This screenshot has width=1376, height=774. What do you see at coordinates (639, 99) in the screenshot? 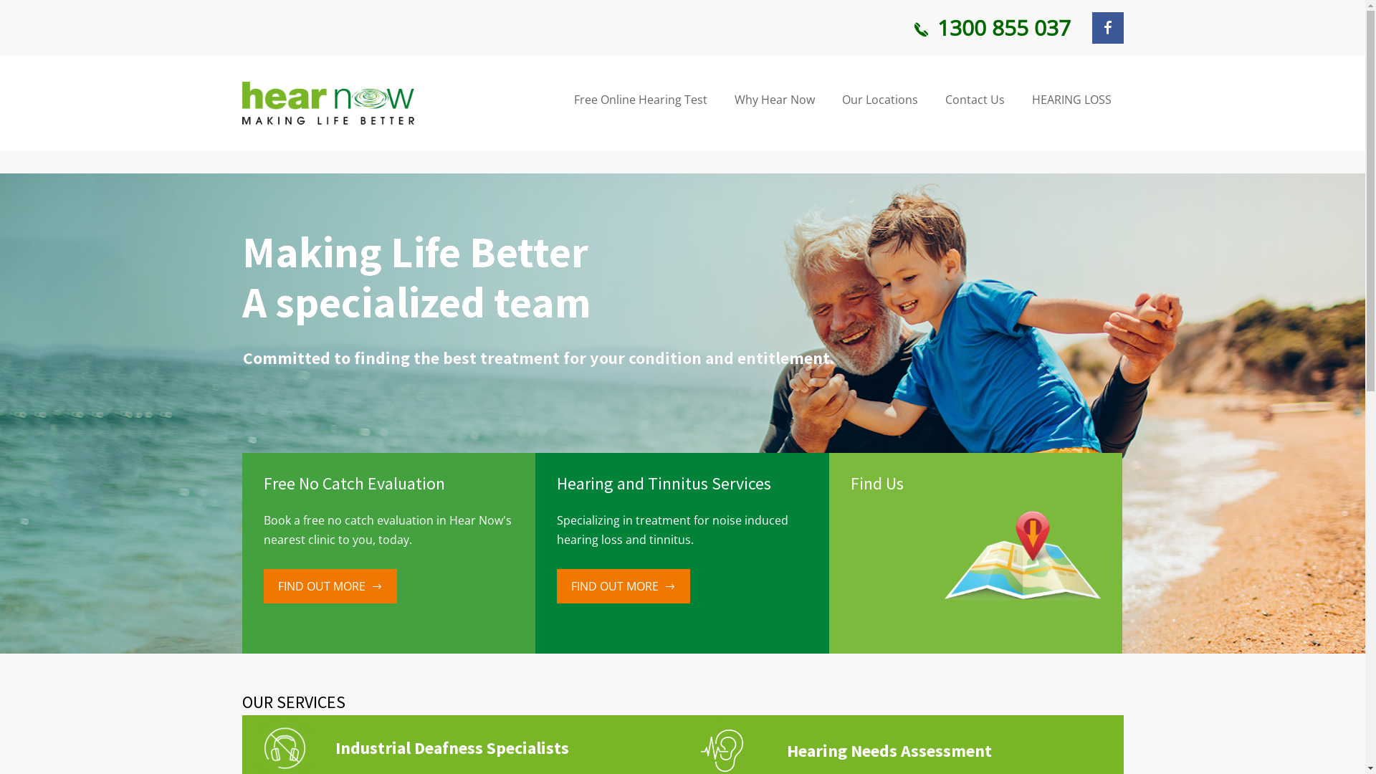
I see `'Free Online Hearing Test'` at bounding box center [639, 99].